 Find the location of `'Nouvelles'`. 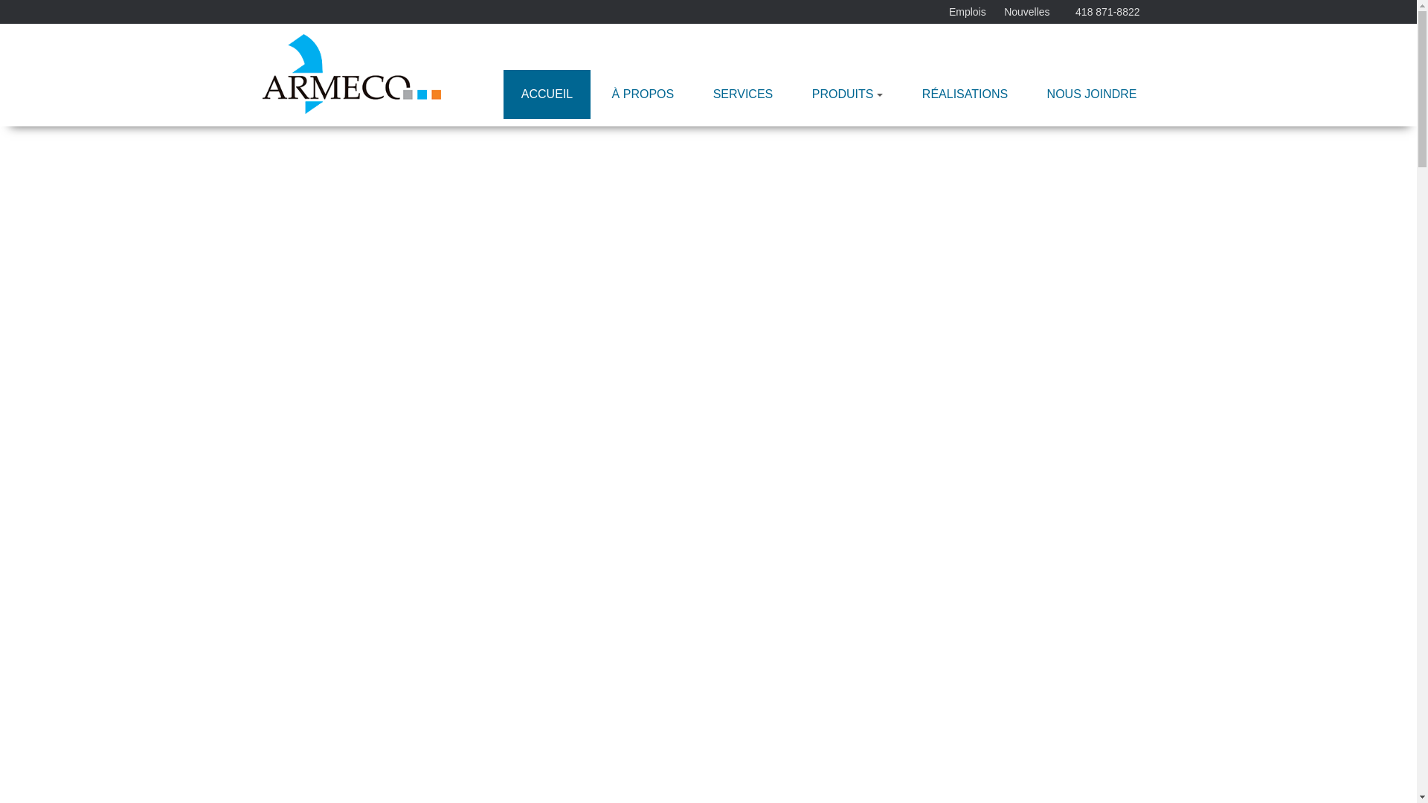

'Nouvelles' is located at coordinates (1026, 11).